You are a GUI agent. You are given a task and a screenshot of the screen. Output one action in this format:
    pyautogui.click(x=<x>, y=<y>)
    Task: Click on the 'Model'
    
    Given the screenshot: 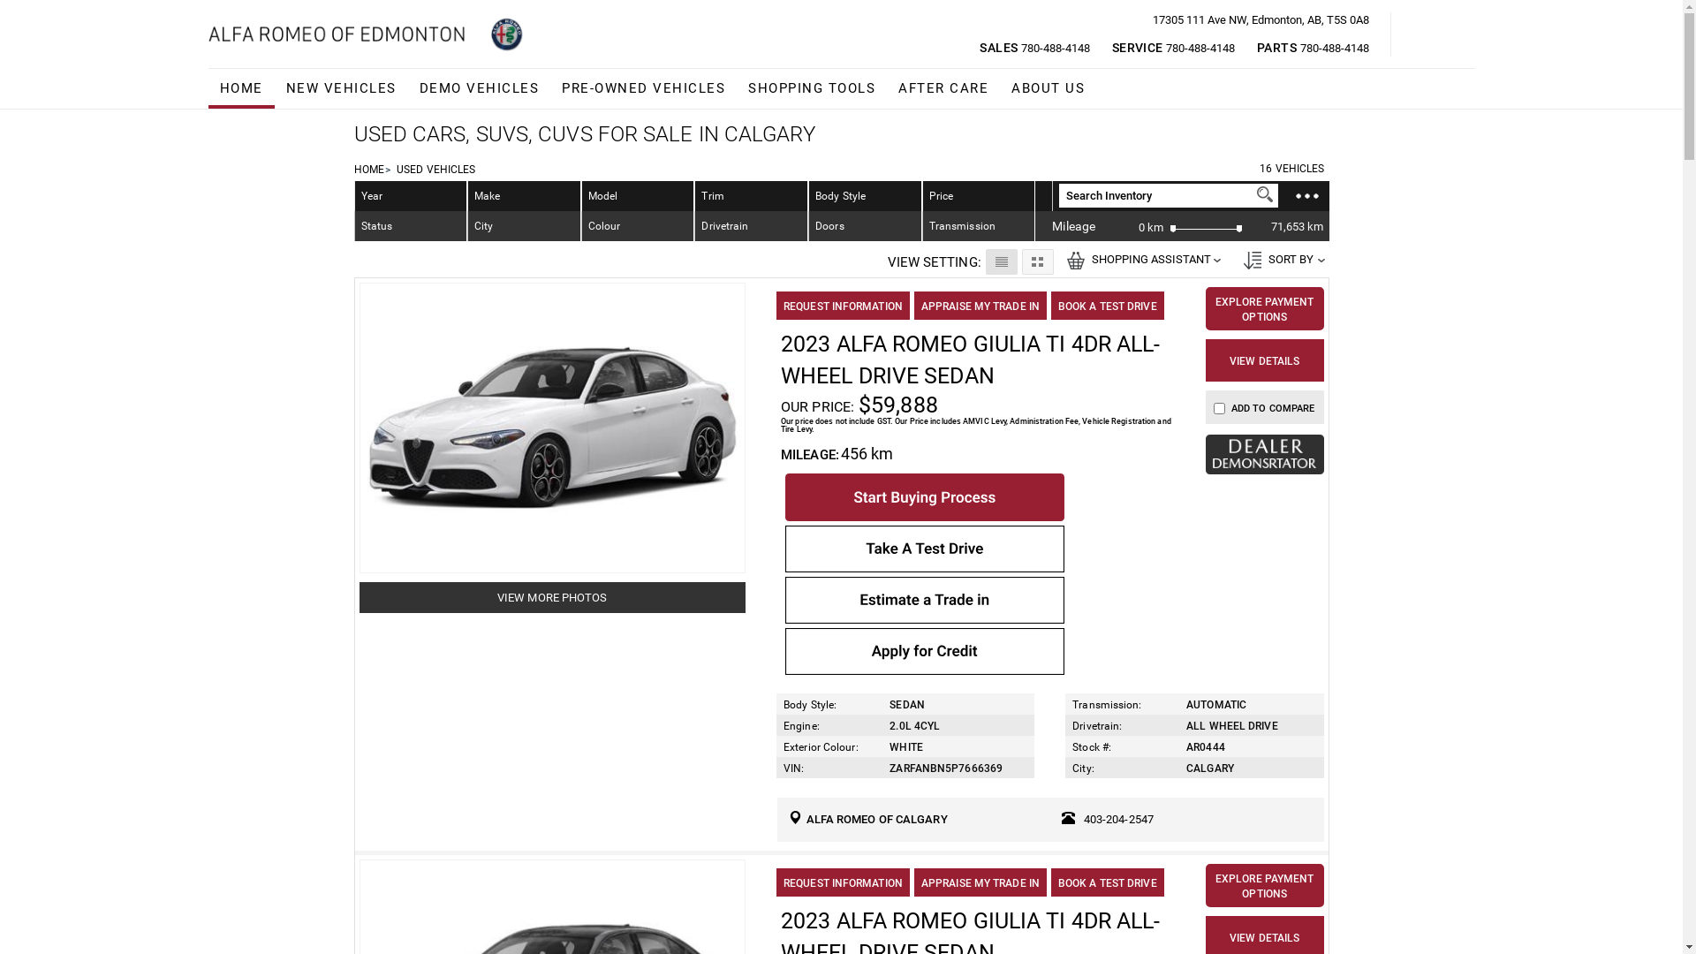 What is the action you would take?
    pyautogui.click(x=637, y=196)
    